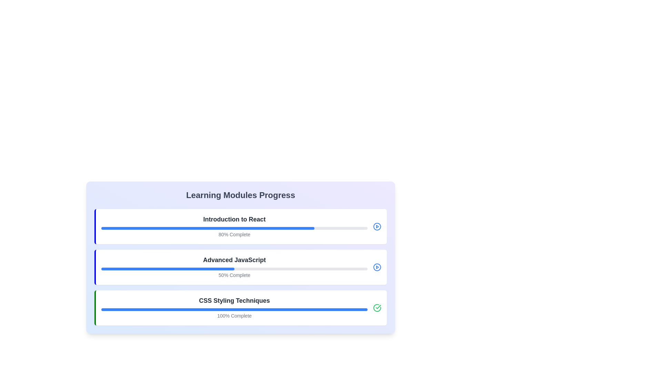 This screenshot has width=662, height=372. What do you see at coordinates (377, 308) in the screenshot?
I see `the completion icon located in the bottom-right corner of the 'CSS Styling Techniques' section, next to the progress bar, indicating the final stage of progress` at bounding box center [377, 308].